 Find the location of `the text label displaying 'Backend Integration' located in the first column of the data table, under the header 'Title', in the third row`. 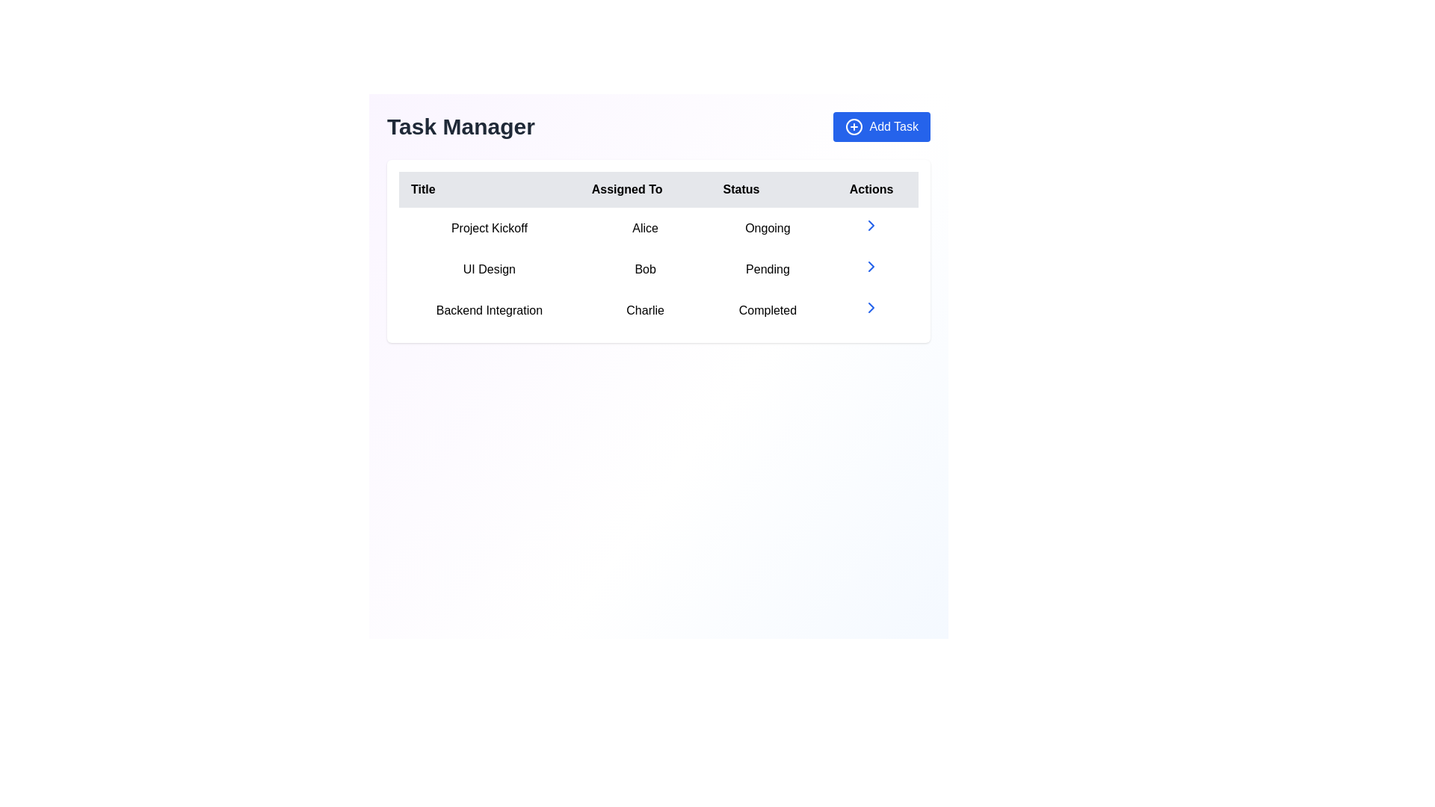

the text label displaying 'Backend Integration' located in the first column of the data table, under the header 'Title', in the third row is located at coordinates (489, 309).